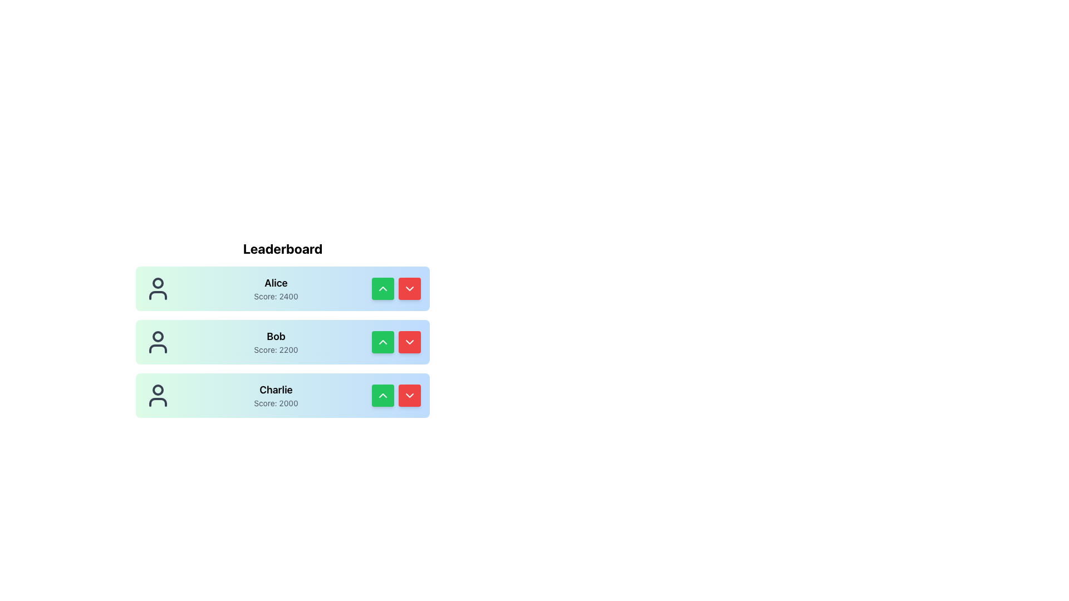 The height and width of the screenshot is (601, 1069). I want to click on text content of the label displaying 'Score: 2000' located beneath the name 'Charlie' in the leaderboard layout, so click(276, 403).